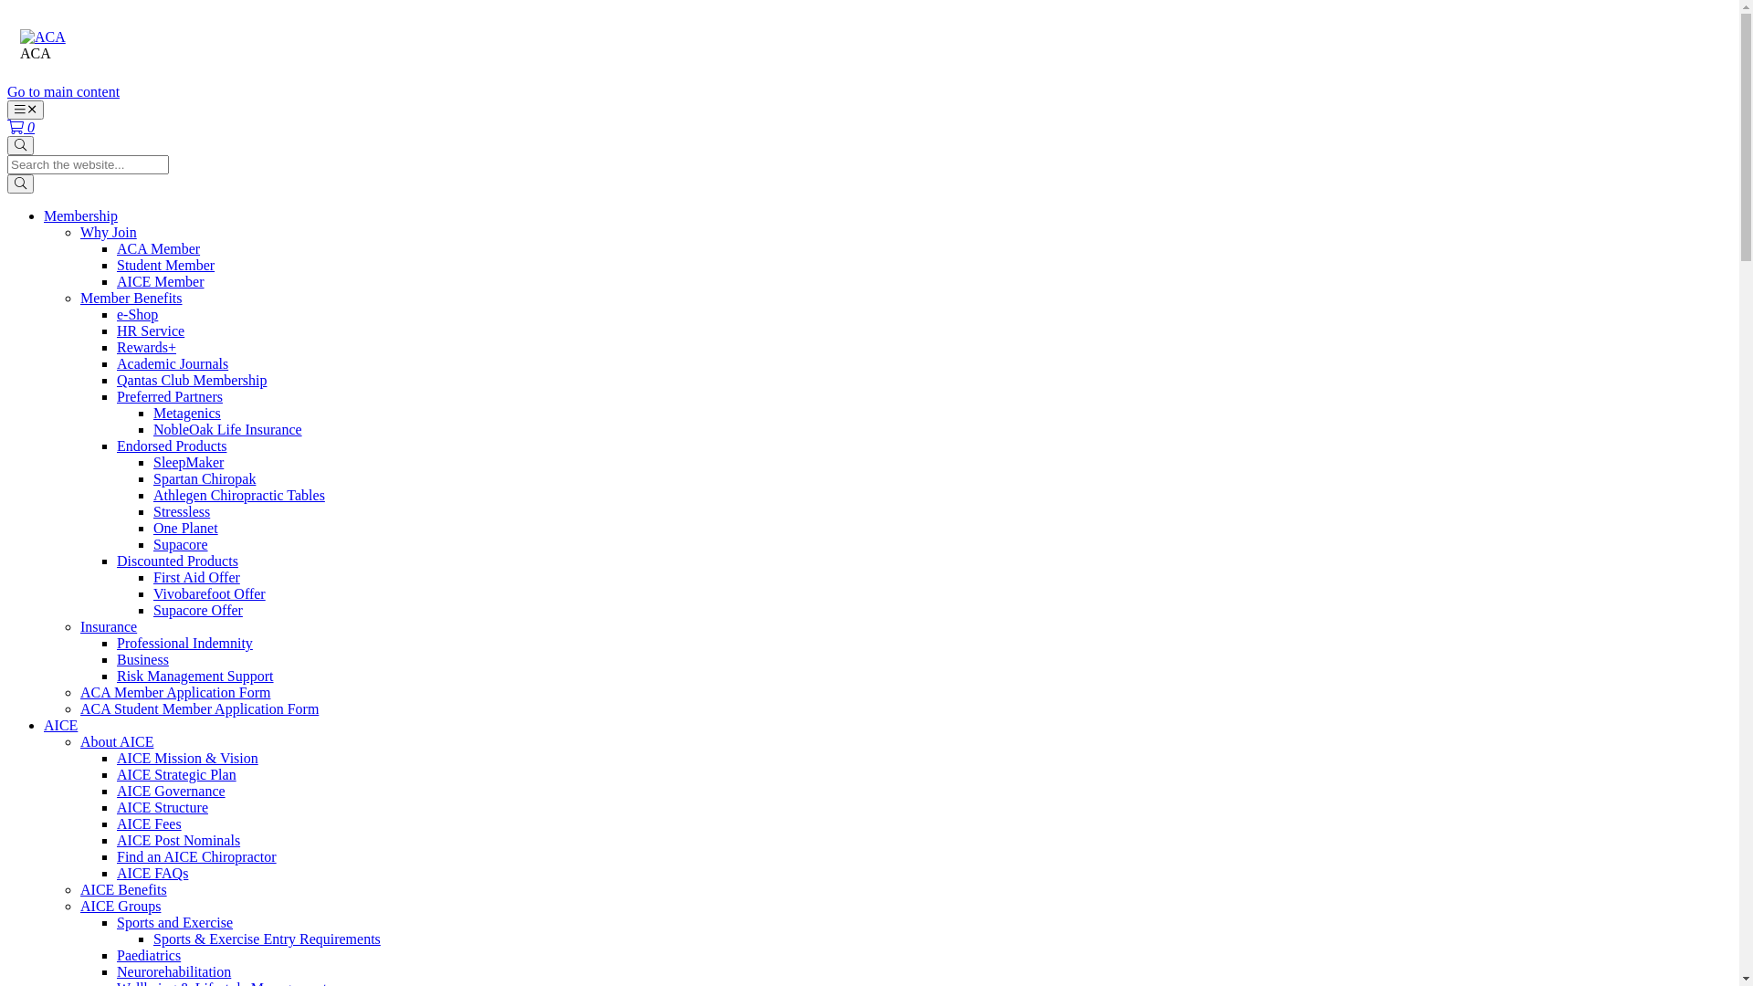 The height and width of the screenshot is (986, 1753). What do you see at coordinates (192, 379) in the screenshot?
I see `'Qantas Club Membership'` at bounding box center [192, 379].